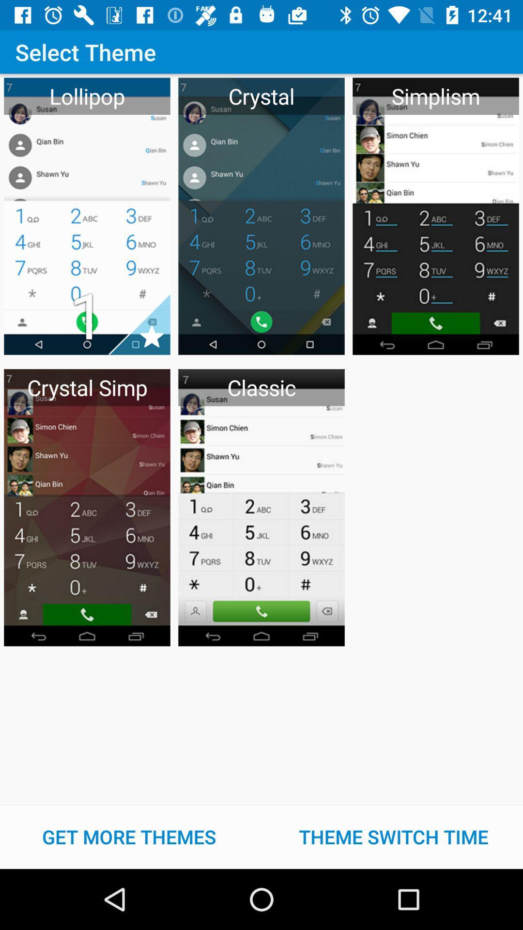  I want to click on the item to the right of the get more themes button, so click(394, 837).